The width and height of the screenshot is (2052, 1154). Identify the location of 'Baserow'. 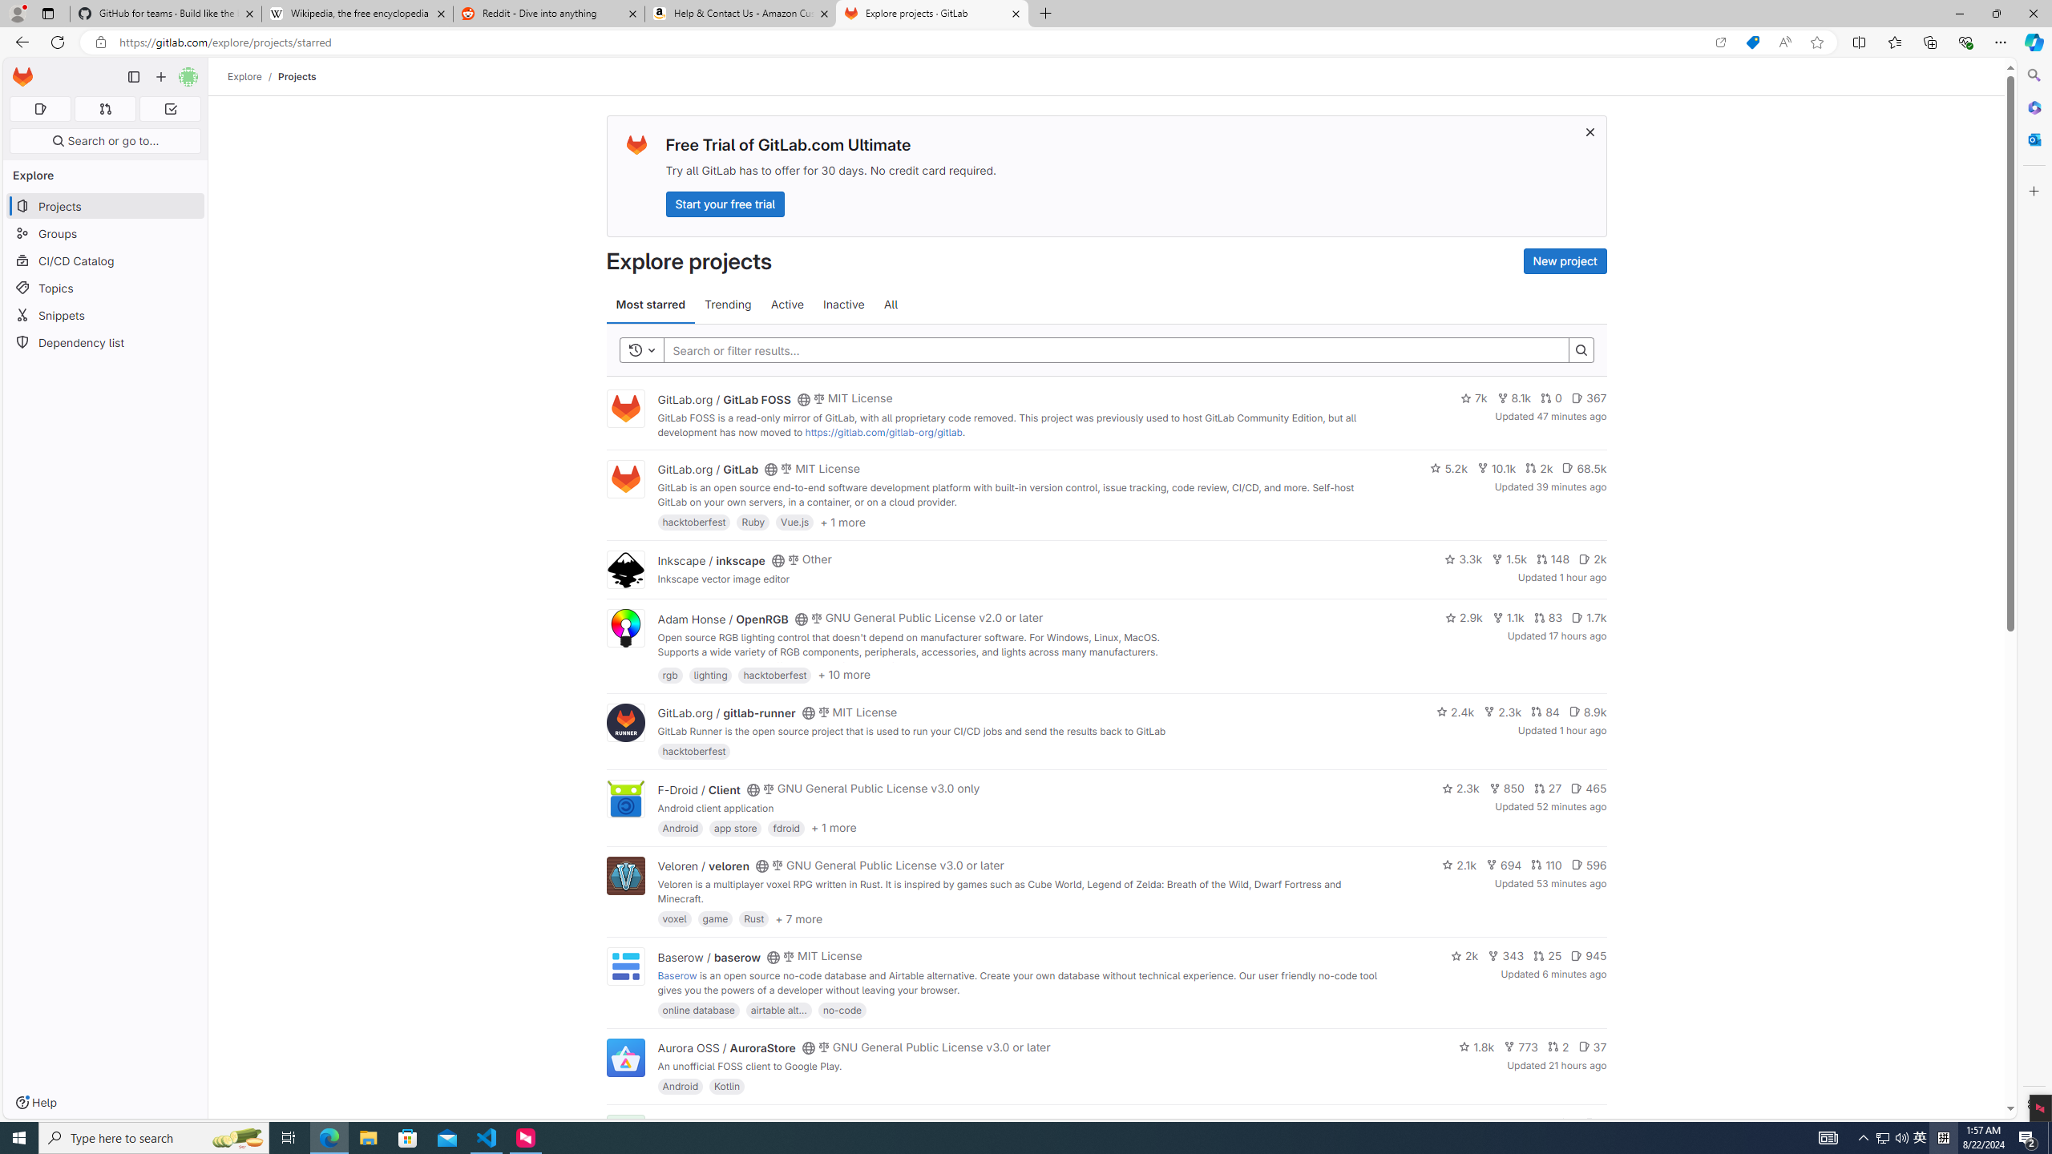
(676, 975).